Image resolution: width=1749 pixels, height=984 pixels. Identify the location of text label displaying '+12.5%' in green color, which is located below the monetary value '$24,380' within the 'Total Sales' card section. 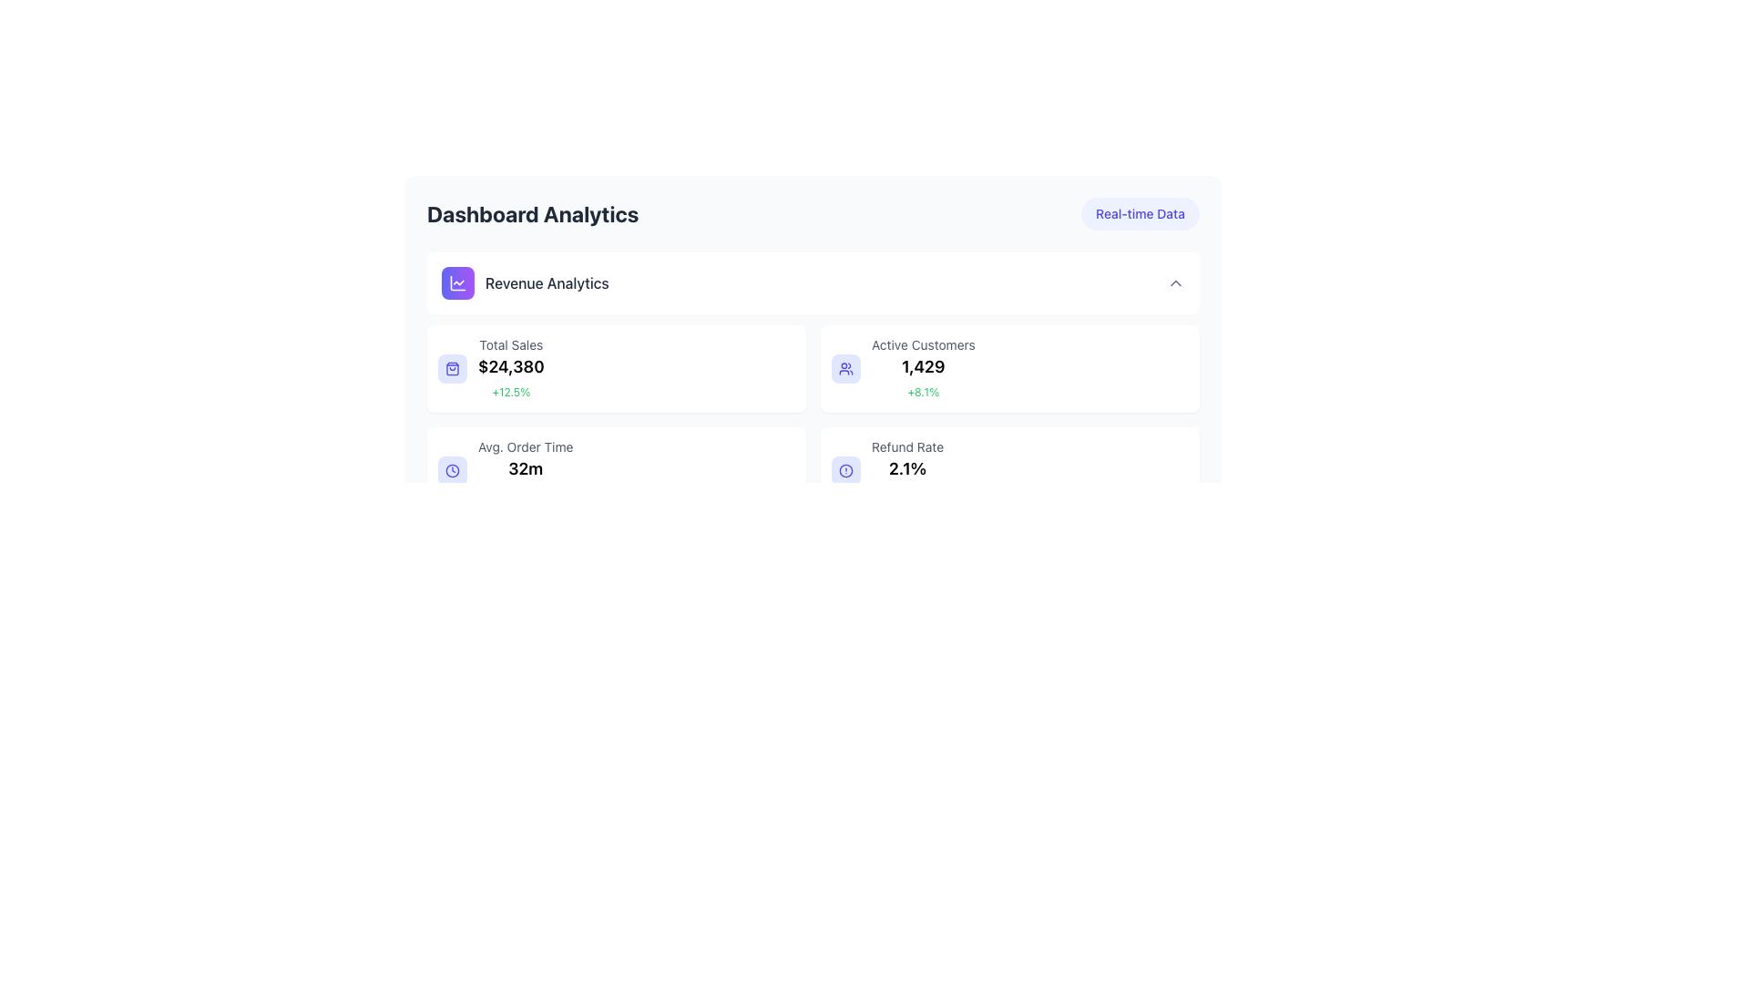
(510, 391).